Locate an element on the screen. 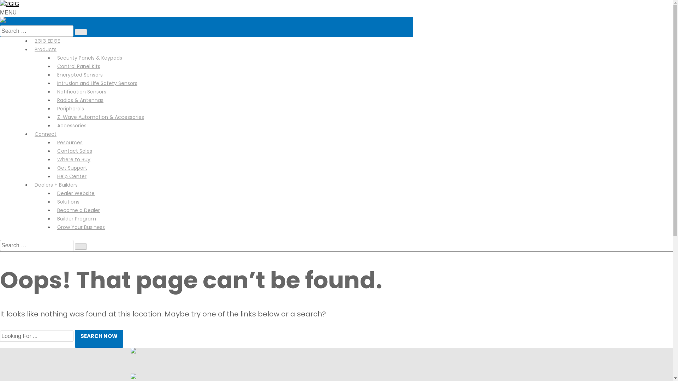  'Peripherals' is located at coordinates (53, 109).